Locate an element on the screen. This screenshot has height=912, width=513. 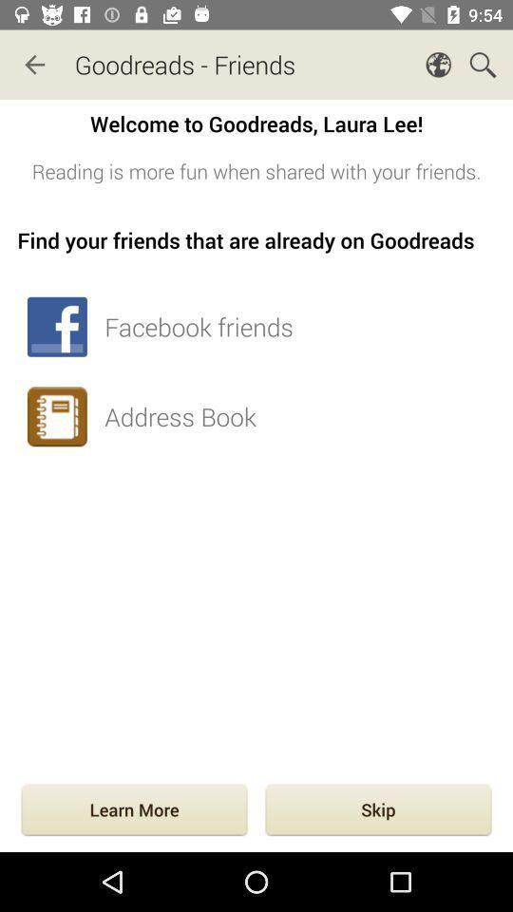
the icon at the top left corner is located at coordinates (34, 65).